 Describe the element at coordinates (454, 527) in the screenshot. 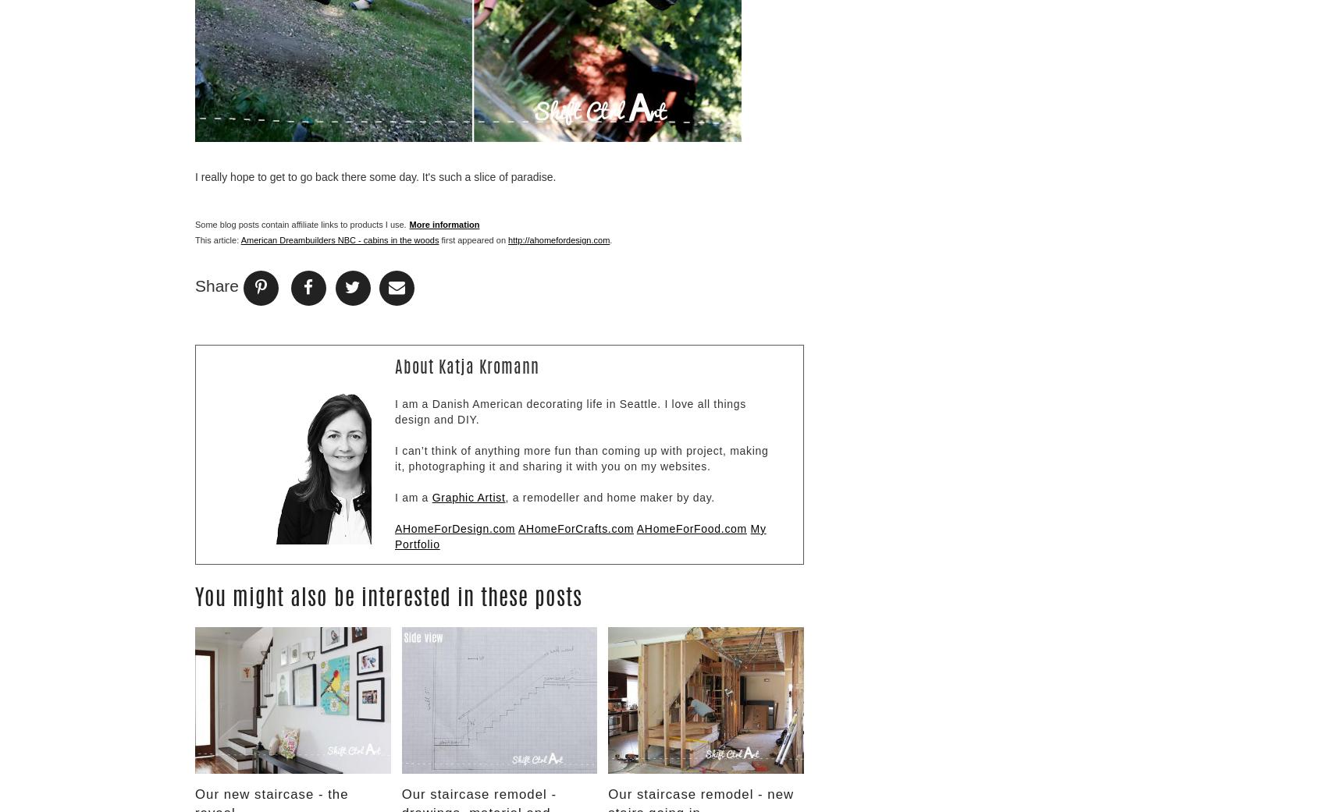

I see `'AHomeForDesign.com'` at that location.